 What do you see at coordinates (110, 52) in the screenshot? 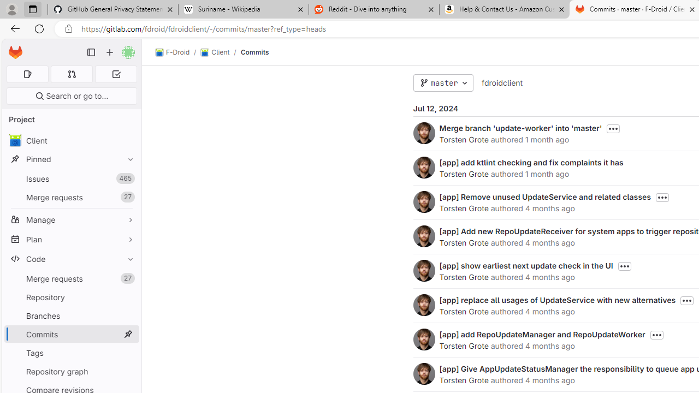
I see `'Create new...'` at bounding box center [110, 52].